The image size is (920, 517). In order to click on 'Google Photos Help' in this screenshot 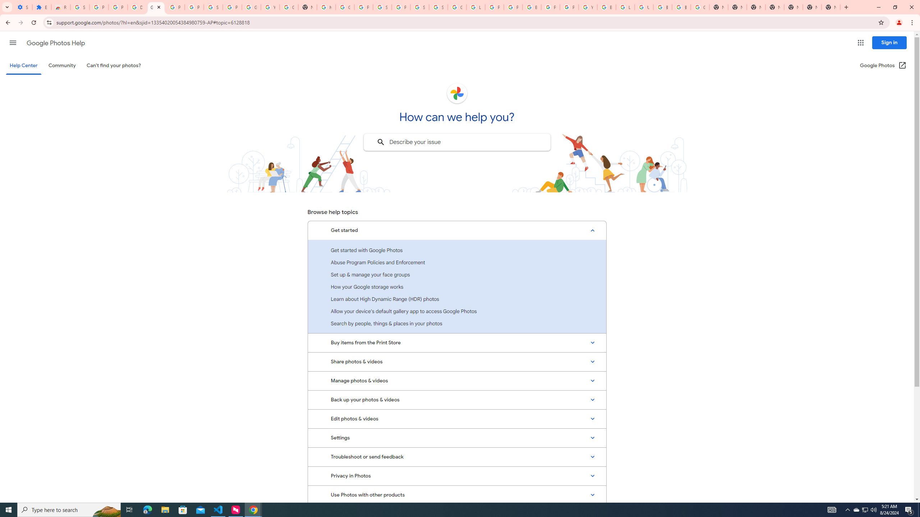, I will do `click(55, 43)`.